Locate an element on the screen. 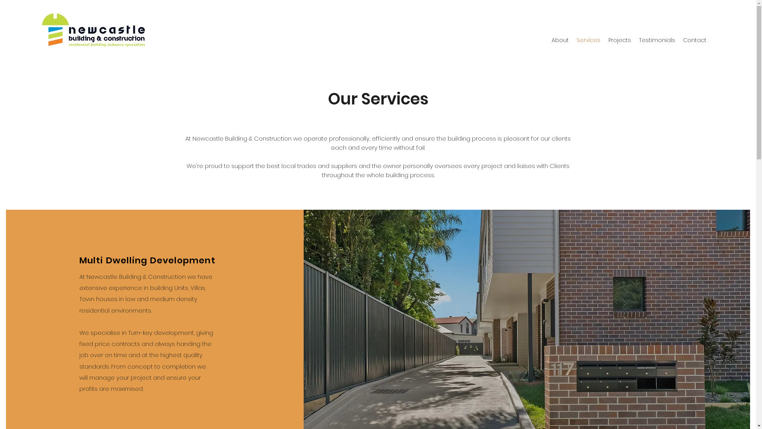  'Contact' is located at coordinates (678, 40).